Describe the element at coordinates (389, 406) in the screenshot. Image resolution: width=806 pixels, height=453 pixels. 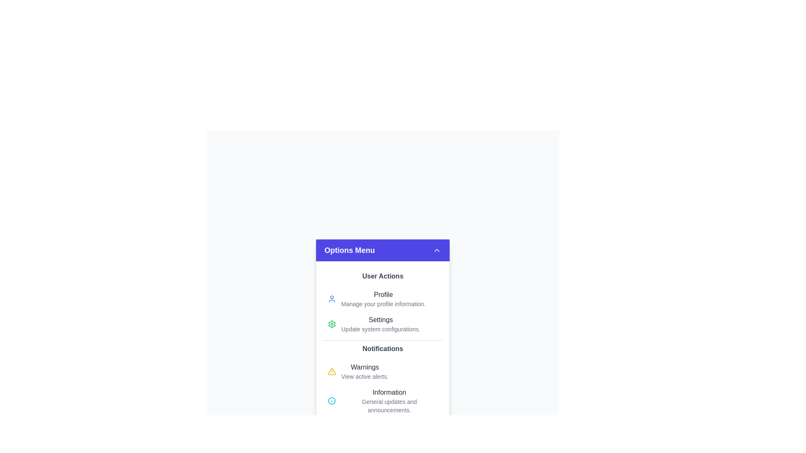
I see `the text label reading 'General updates and announcements' located under the heading 'Information' in the Options Menu interface` at that location.